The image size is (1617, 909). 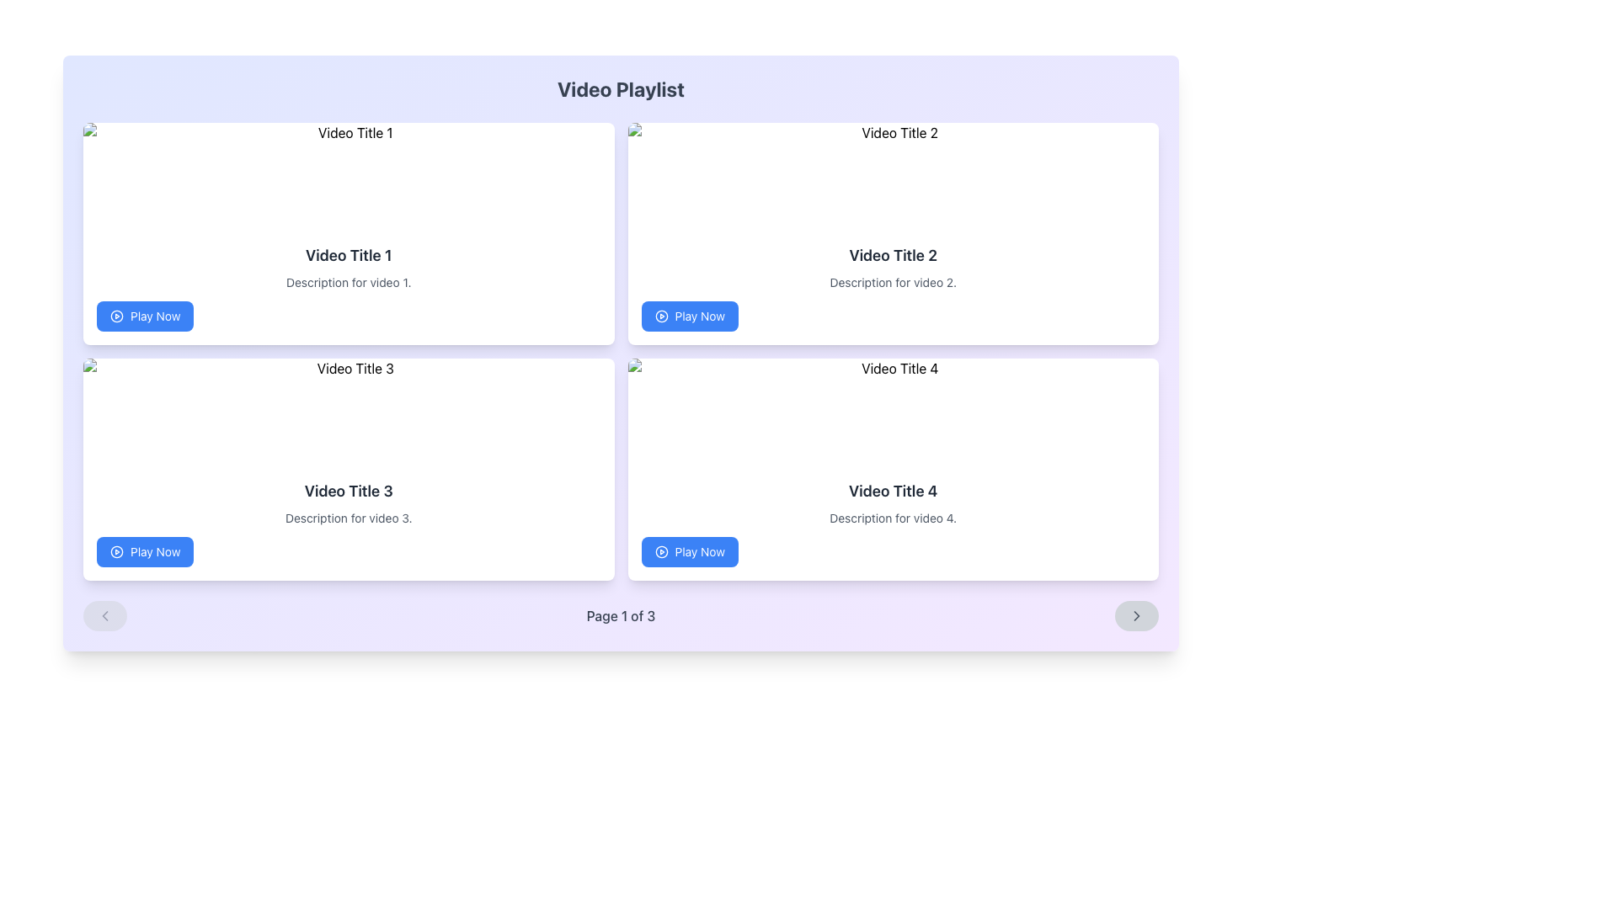 What do you see at coordinates (660, 316) in the screenshot?
I see `the play icon located within the 'Play Now' button under 'Video Title 2'` at bounding box center [660, 316].